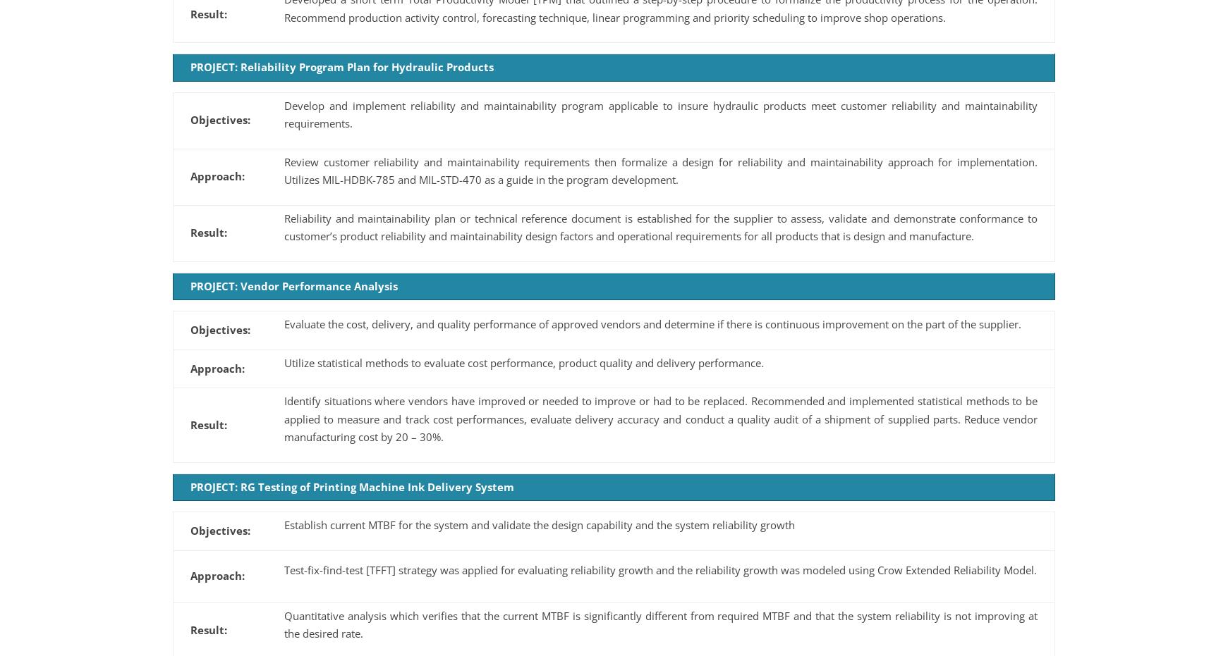 Image resolution: width=1228 pixels, height=656 pixels. I want to click on 'Establish current MTBF for the system and validate the design capability and the system reliability growth', so click(538, 524).